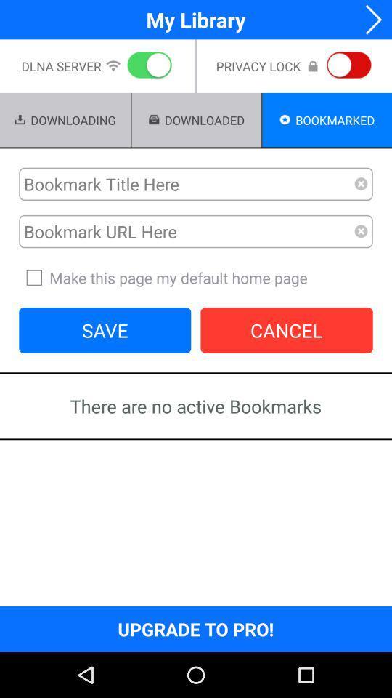  What do you see at coordinates (346, 66) in the screenshot?
I see `icon above the bookmarked item` at bounding box center [346, 66].